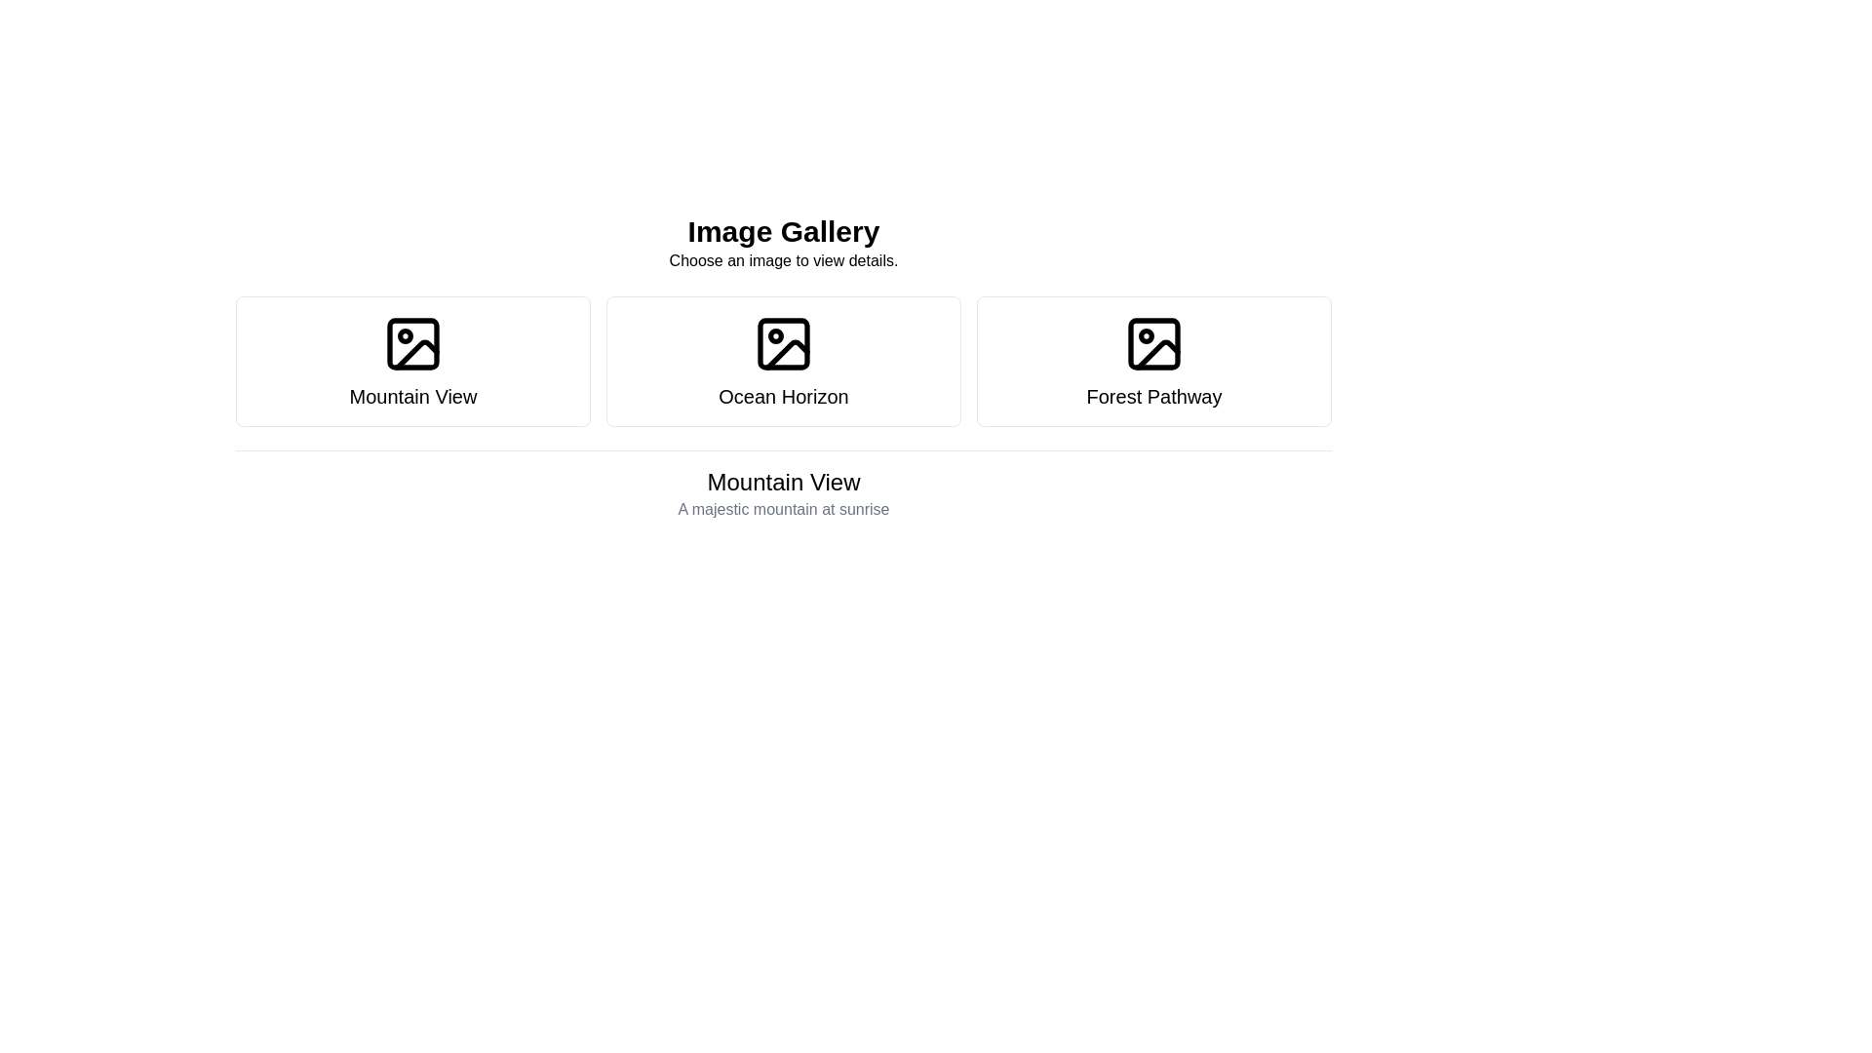  What do you see at coordinates (784, 231) in the screenshot?
I see `the bold, black text 'Image Gallery' which is prominently displayed at the top-center of the interface` at bounding box center [784, 231].